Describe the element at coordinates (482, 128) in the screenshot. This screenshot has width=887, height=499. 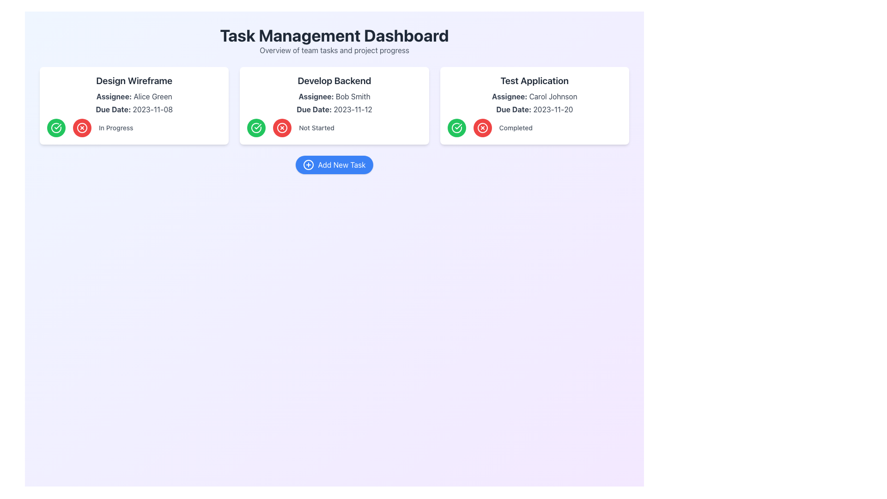
I see `the button located on the right side of the green button within the 'Test Application' card to reject or close the associated task` at that location.